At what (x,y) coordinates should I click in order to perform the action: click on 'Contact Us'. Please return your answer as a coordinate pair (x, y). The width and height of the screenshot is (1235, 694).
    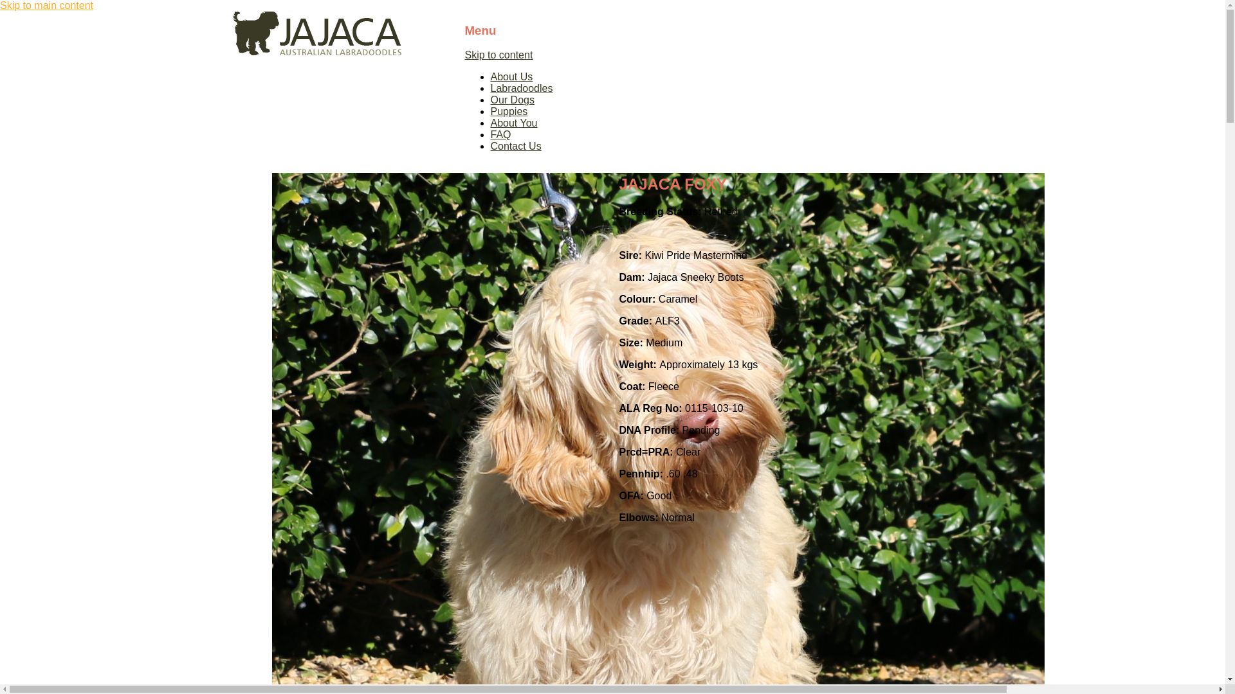
    Looking at the image, I should click on (515, 145).